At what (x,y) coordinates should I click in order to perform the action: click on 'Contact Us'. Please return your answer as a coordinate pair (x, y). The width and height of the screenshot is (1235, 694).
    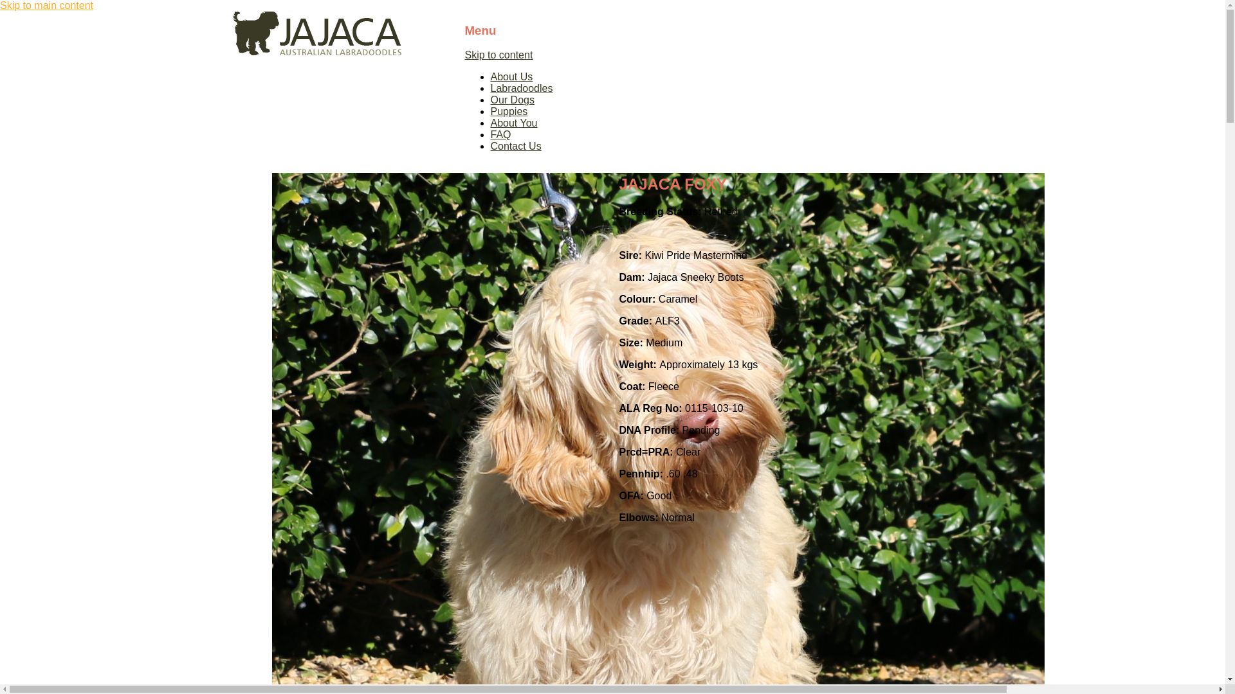
    Looking at the image, I should click on (515, 145).